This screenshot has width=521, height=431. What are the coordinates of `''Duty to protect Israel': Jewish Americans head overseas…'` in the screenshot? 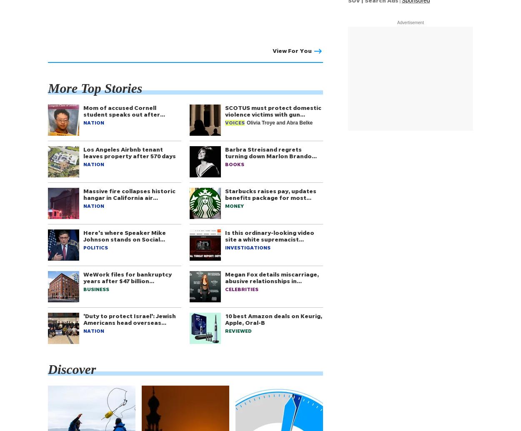 It's located at (130, 319).